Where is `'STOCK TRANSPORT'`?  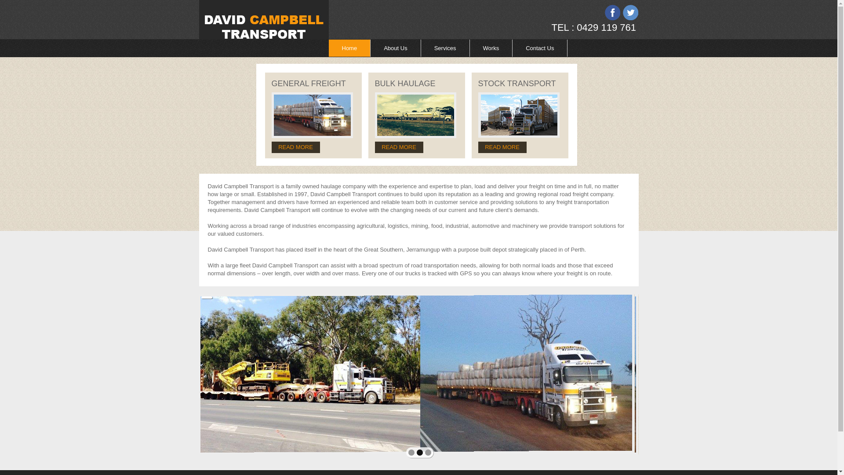 'STOCK TRANSPORT' is located at coordinates (517, 83).